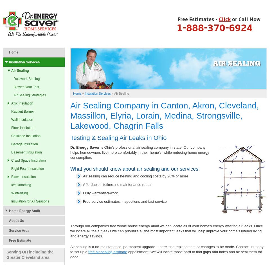 The height and width of the screenshot is (265, 270). Describe the element at coordinates (22, 111) in the screenshot. I see `'Radiant Barrier'` at that location.